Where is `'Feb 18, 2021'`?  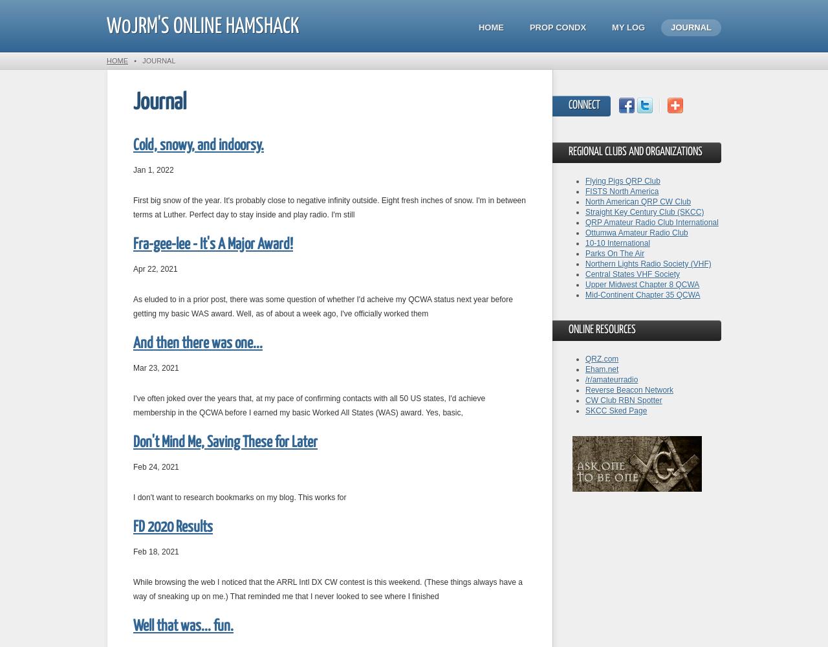 'Feb 18, 2021' is located at coordinates (155, 551).